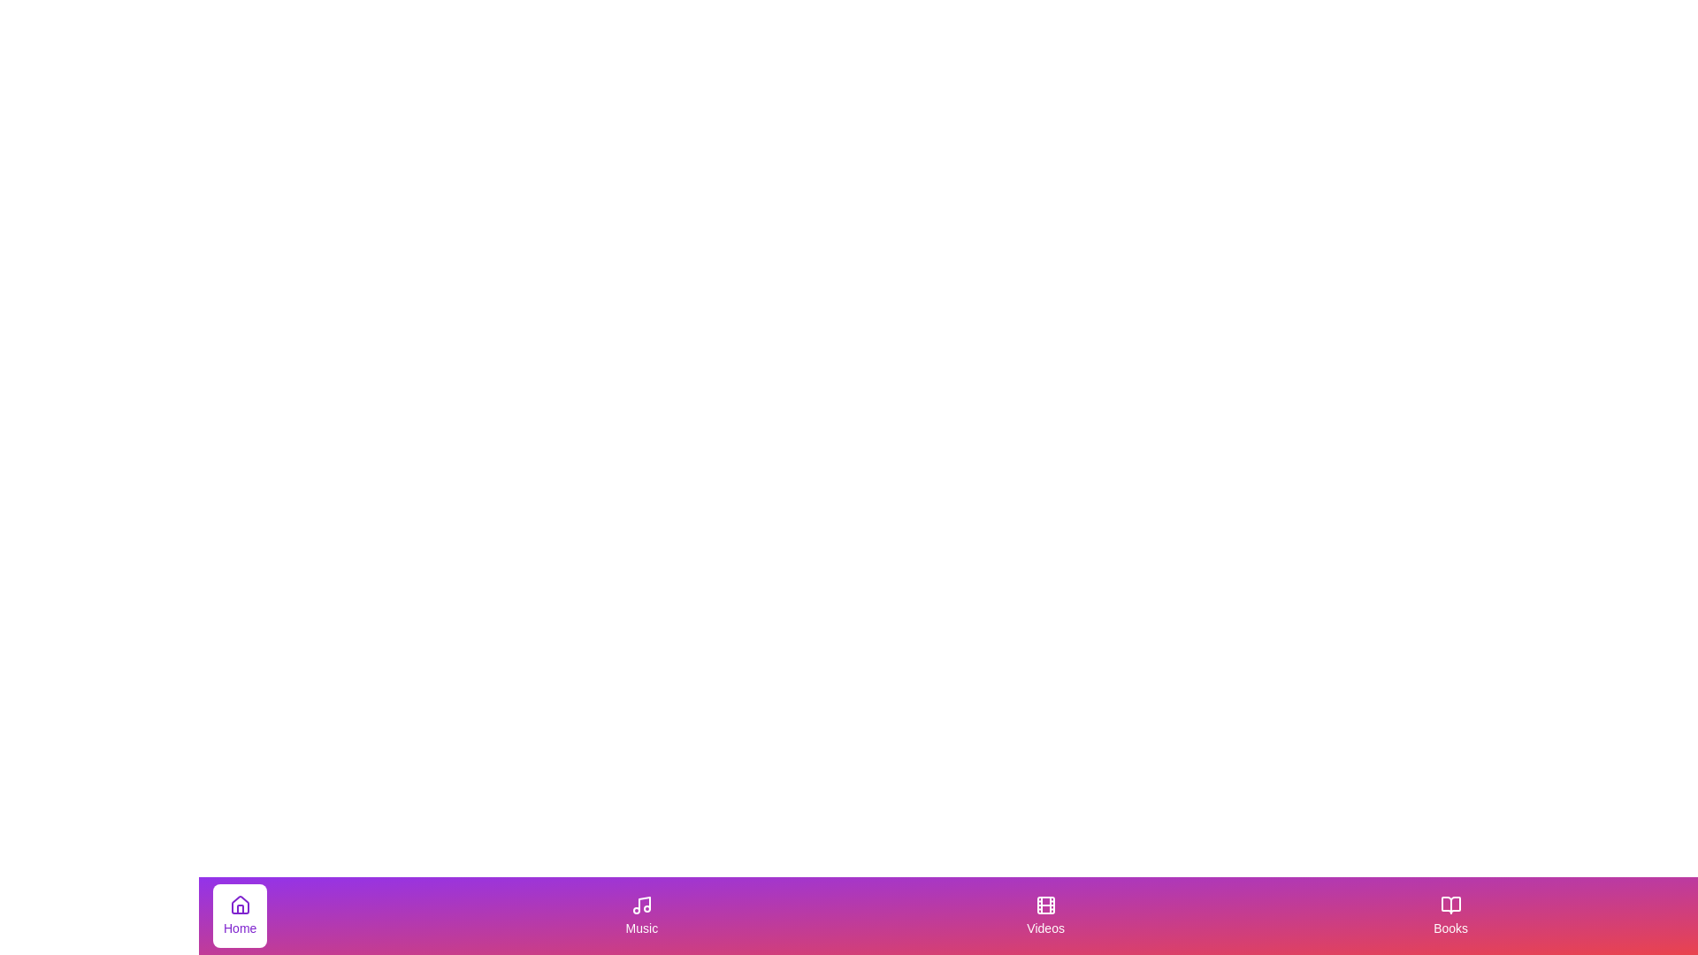 The width and height of the screenshot is (1698, 955). What do you see at coordinates (1450, 915) in the screenshot?
I see `the tab labeled Books by clicking on it` at bounding box center [1450, 915].